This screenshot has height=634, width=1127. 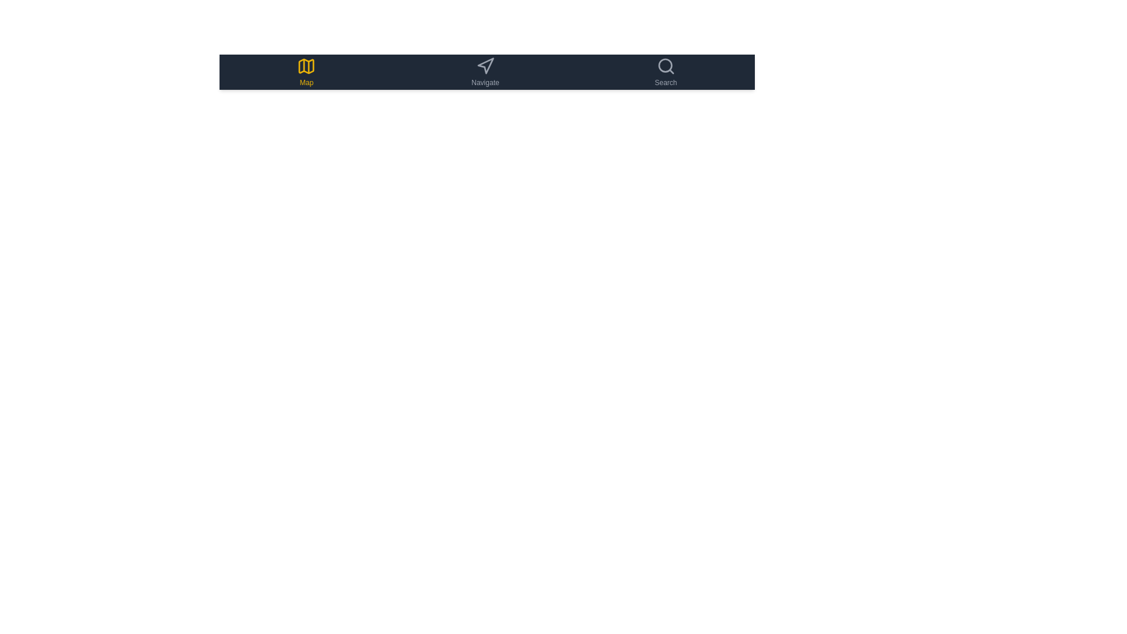 I want to click on the magnifying glass icon in the rightmost section of the horizontal menu bar to initiate the search operation, so click(x=665, y=66).